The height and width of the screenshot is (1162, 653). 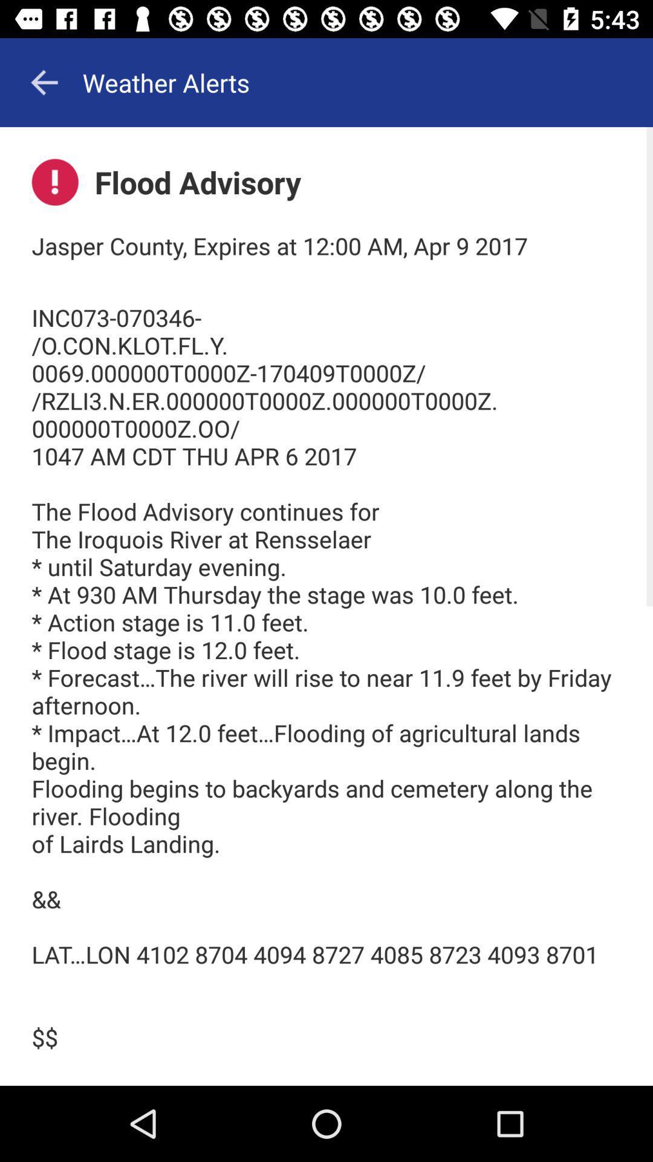 I want to click on the arrow_backward icon, so click(x=44, y=82).